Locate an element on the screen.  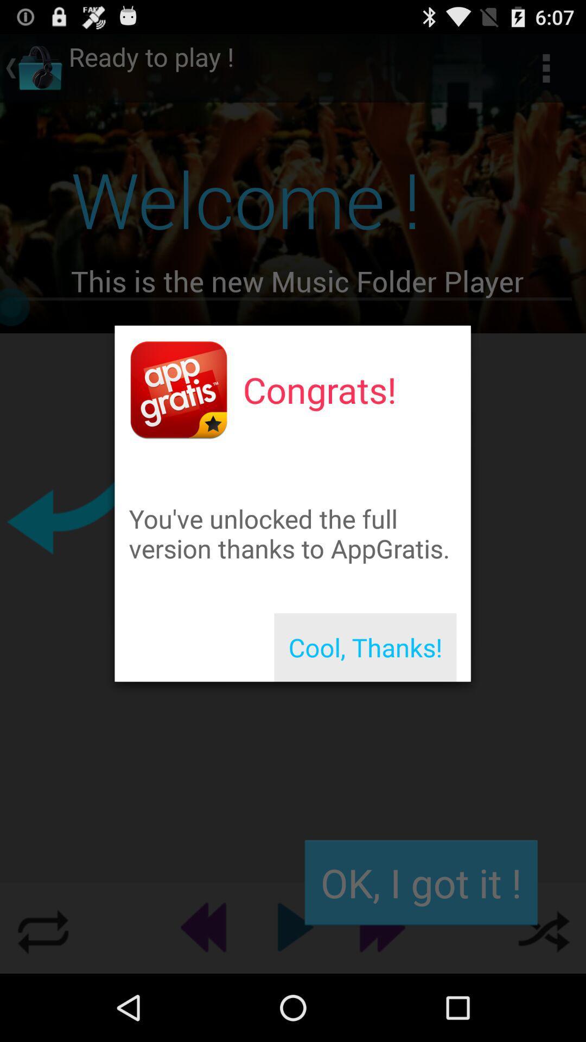
cool, thanks! is located at coordinates (365, 647).